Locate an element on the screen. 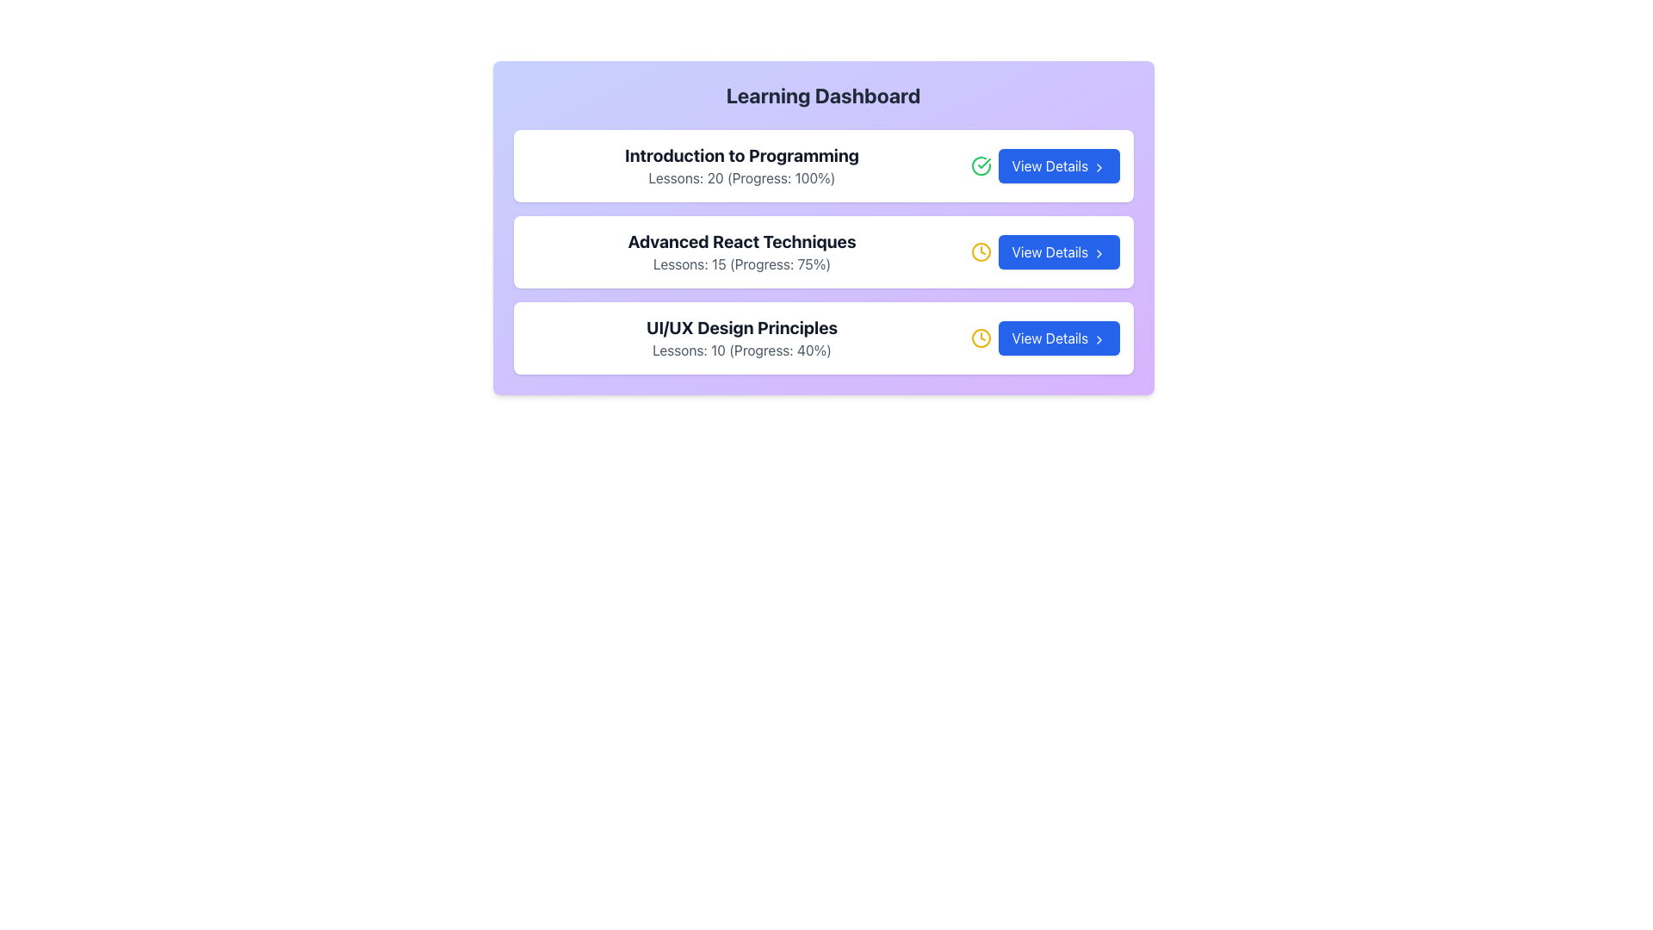 This screenshot has width=1653, height=930. the completion status icon of the course, which is a circular icon located to the left of the 'View Details' button in the topmost item of the course list is located at coordinates (983, 163).